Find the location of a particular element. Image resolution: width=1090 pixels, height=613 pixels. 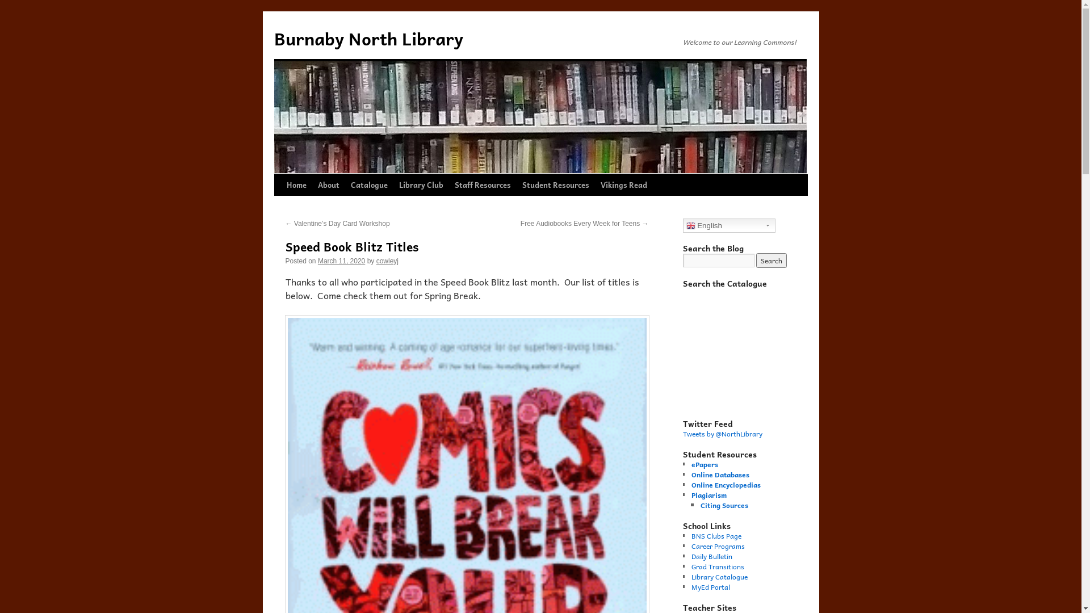

'Citing Sources' is located at coordinates (724, 505).